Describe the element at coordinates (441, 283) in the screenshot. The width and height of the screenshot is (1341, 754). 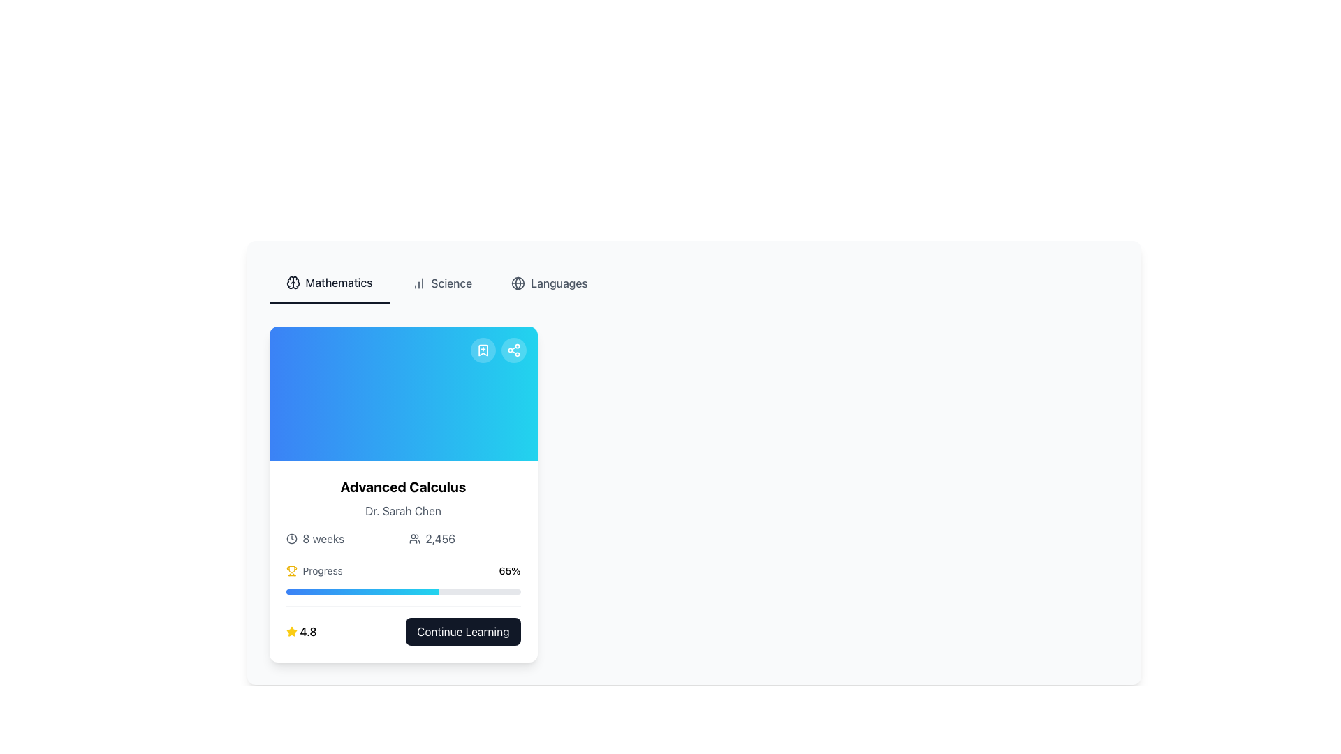
I see `the 'Science' button, which is the second tab in a horizontal list of tabs at the top of the interface, styled with dark gray text and a graphical data icon` at that location.